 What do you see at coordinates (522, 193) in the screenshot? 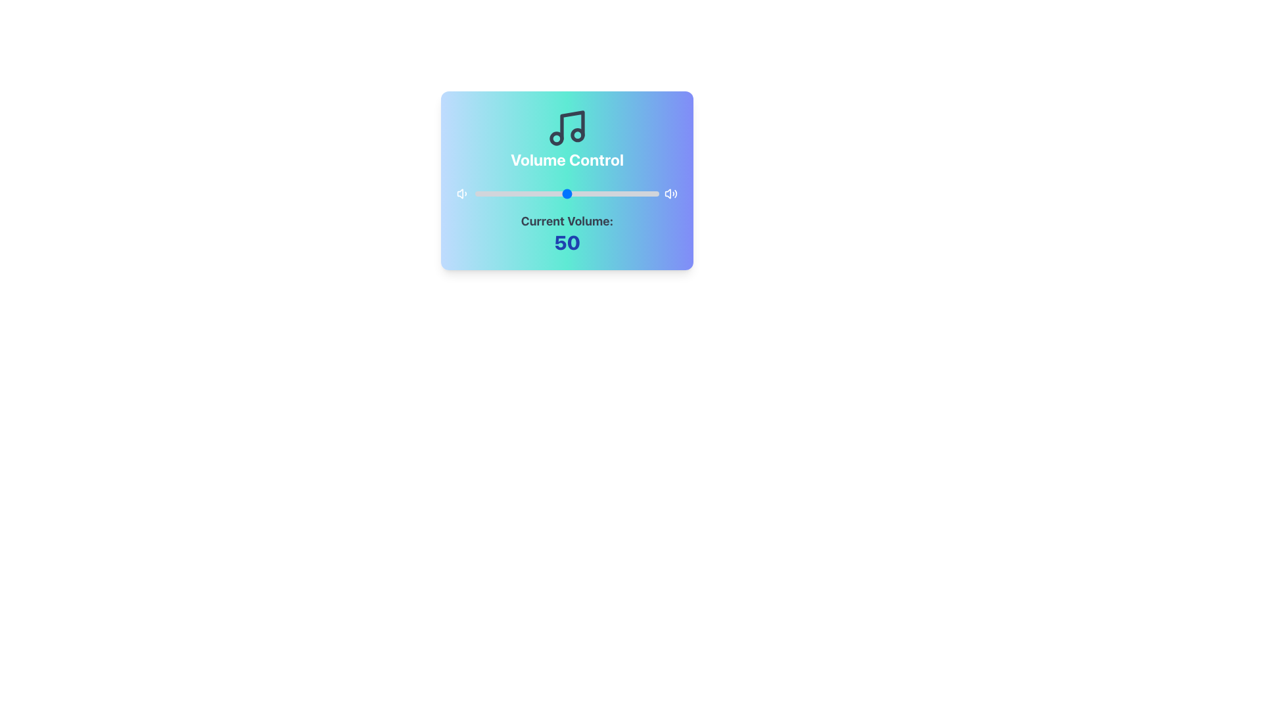
I see `the volume` at bounding box center [522, 193].